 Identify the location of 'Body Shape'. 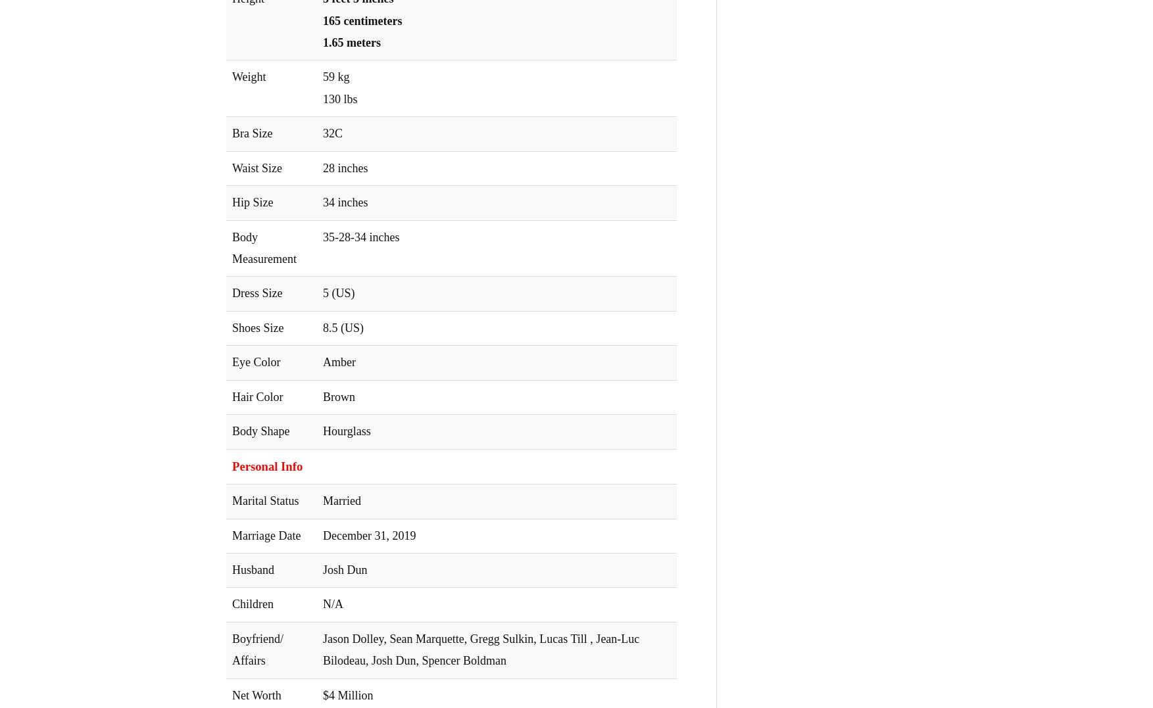
(260, 431).